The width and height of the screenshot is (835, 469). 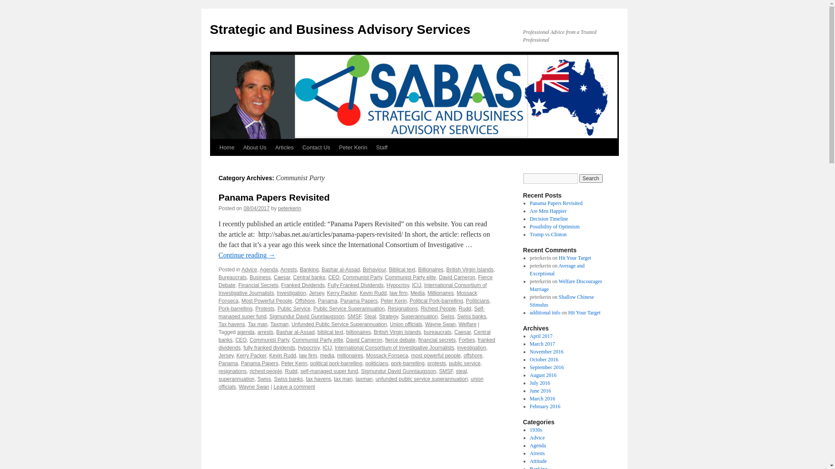 What do you see at coordinates (309, 277) in the screenshot?
I see `'Central banks'` at bounding box center [309, 277].